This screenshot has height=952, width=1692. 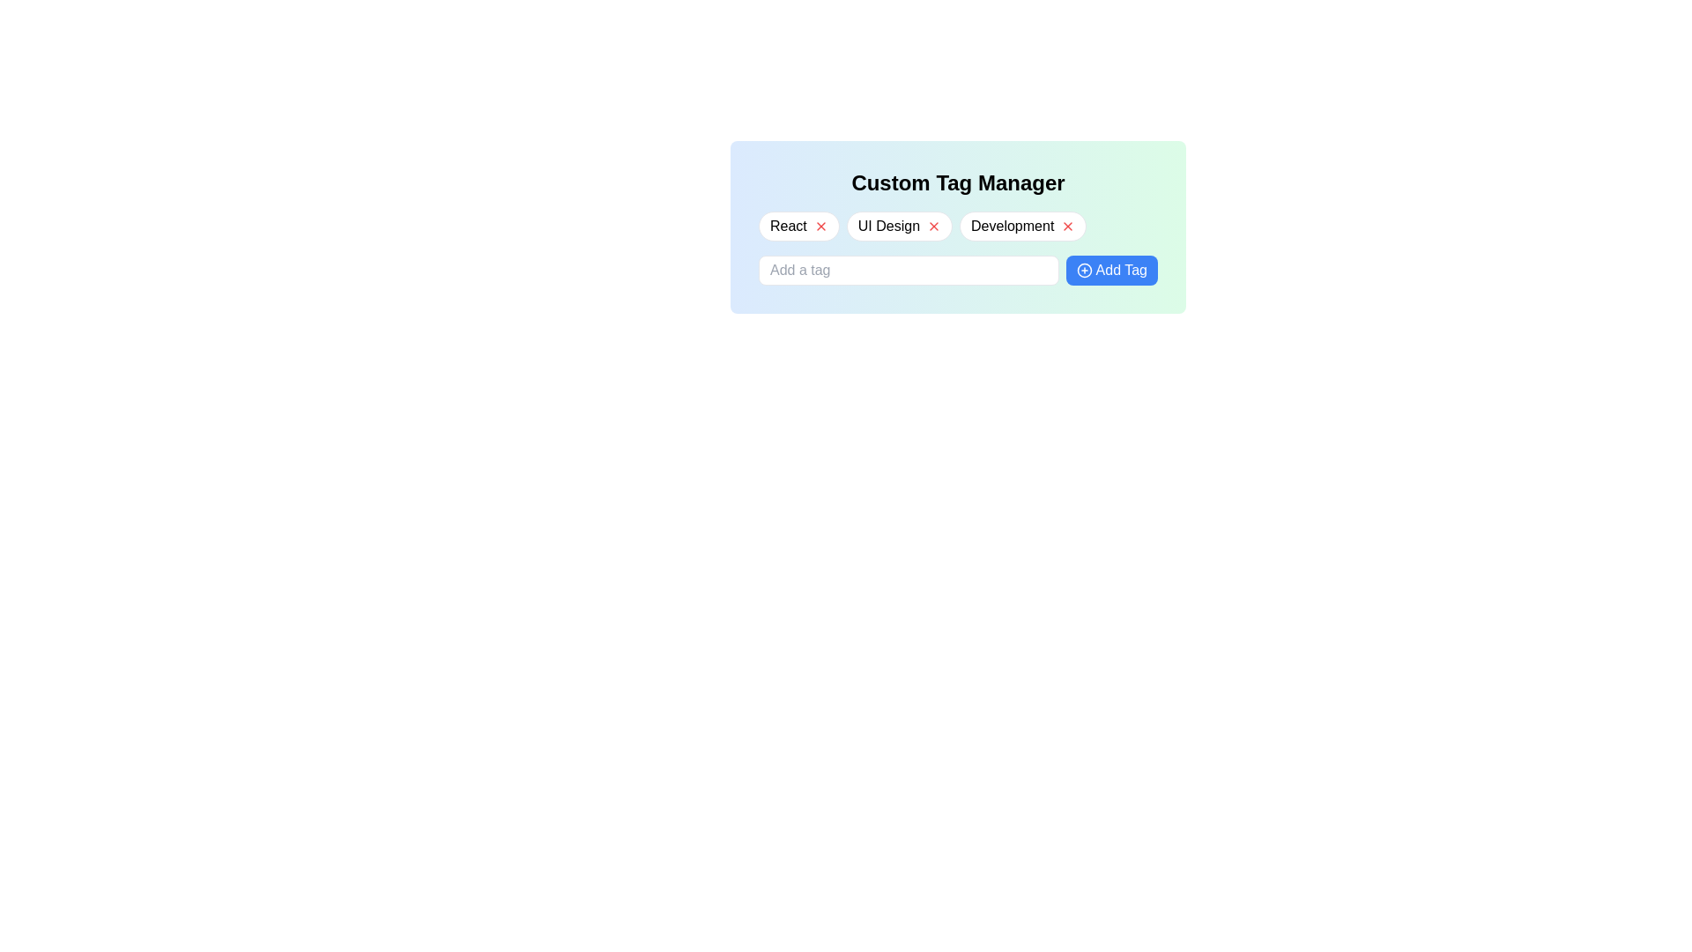 I want to click on the button located to the right of the text input field, so click(x=1110, y=271).